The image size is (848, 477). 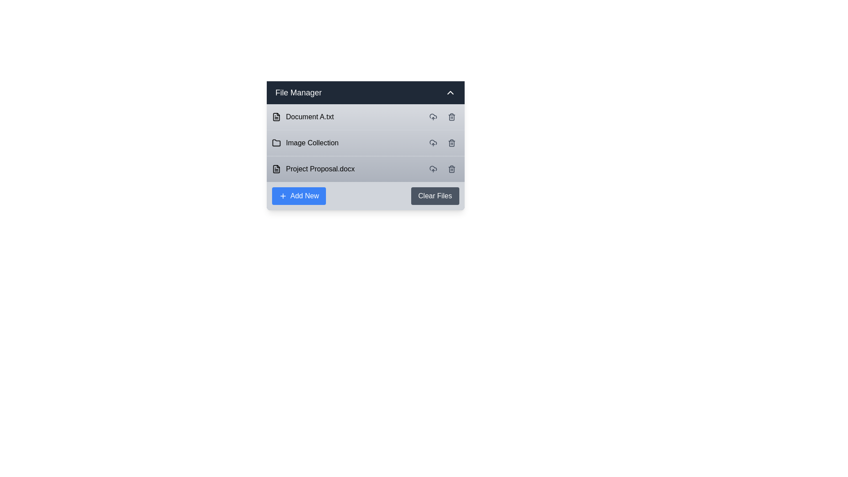 I want to click on the 'Add New' button to add a new file to the list, so click(x=299, y=195).